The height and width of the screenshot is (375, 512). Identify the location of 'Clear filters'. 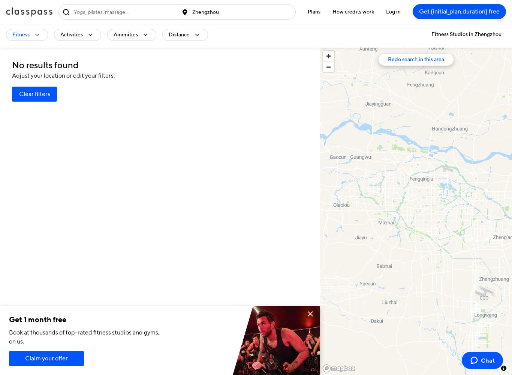
(34, 94).